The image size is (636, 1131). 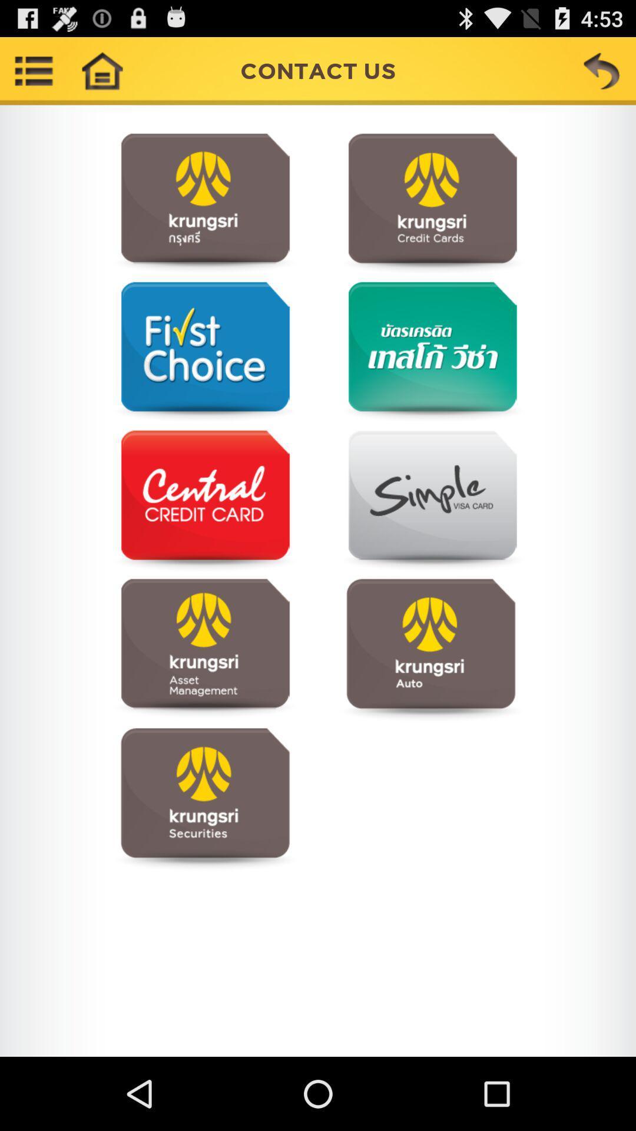 I want to click on simple visa card, so click(x=430, y=501).